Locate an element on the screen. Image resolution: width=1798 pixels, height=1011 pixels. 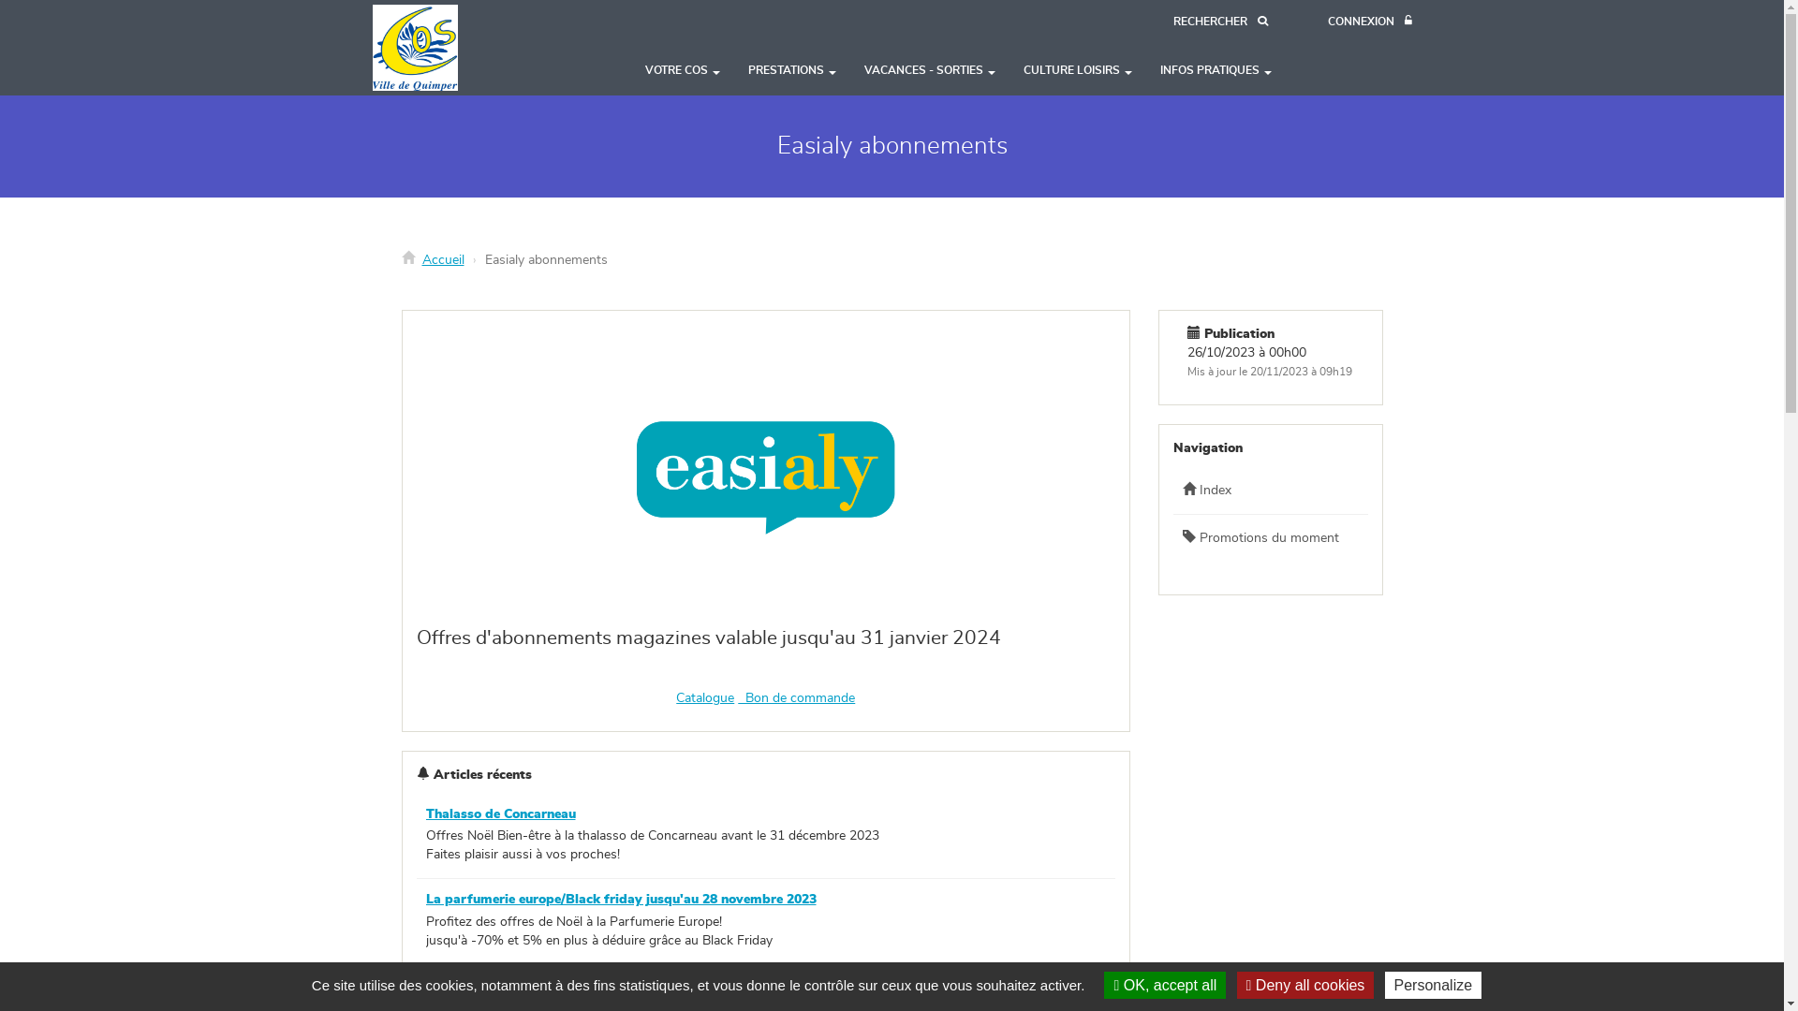
'Personalize' is located at coordinates (1433, 984).